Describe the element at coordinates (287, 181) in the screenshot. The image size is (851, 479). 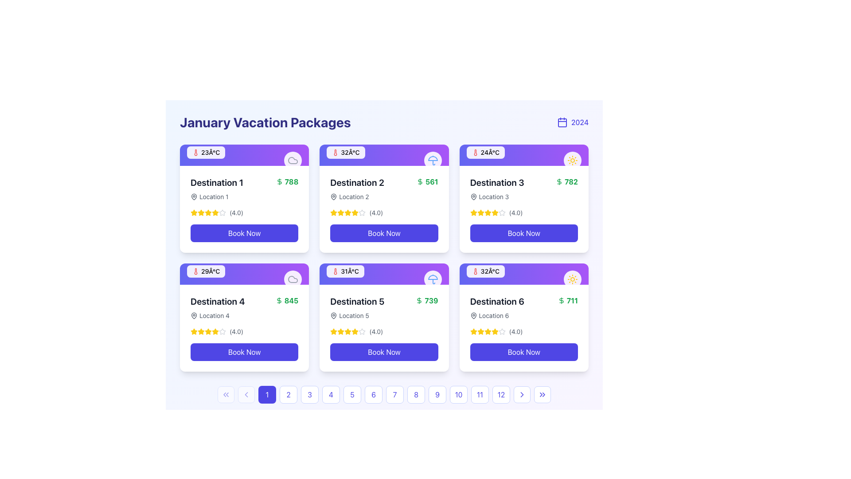
I see `price value from the Price indicator which displays a dollar sign icon followed by the bold green text '788' in the top-right corner of the card for 'Destination 1'` at that location.